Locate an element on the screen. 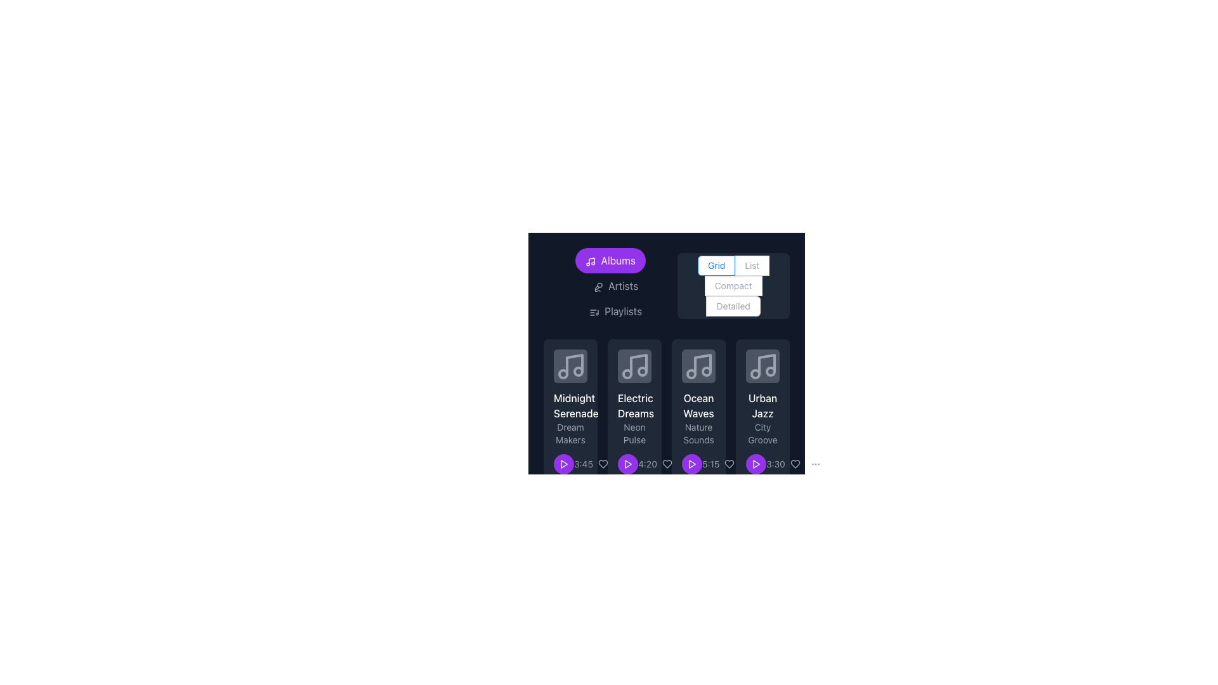 The image size is (1218, 685). the static text displaying 'City Groove', which is styled in lighter gray and located beneath 'Urban Jazz' and above '3:30' in the card layout is located at coordinates (762, 433).